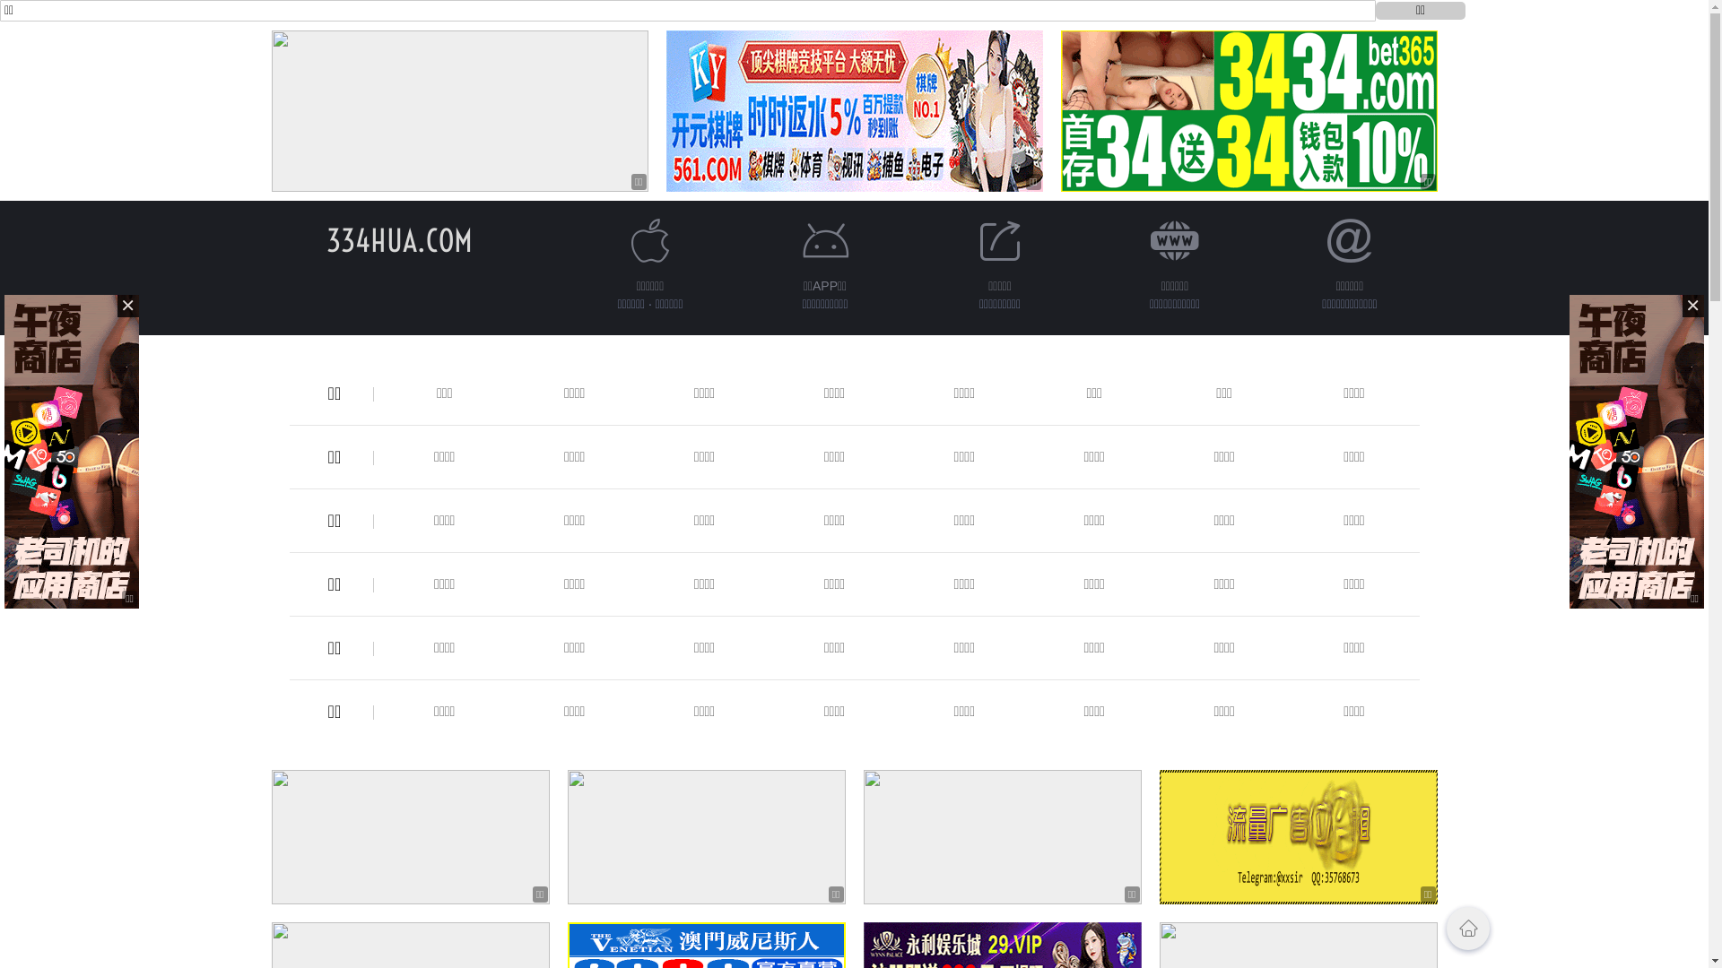  I want to click on '334HUA.COM', so click(398, 239).